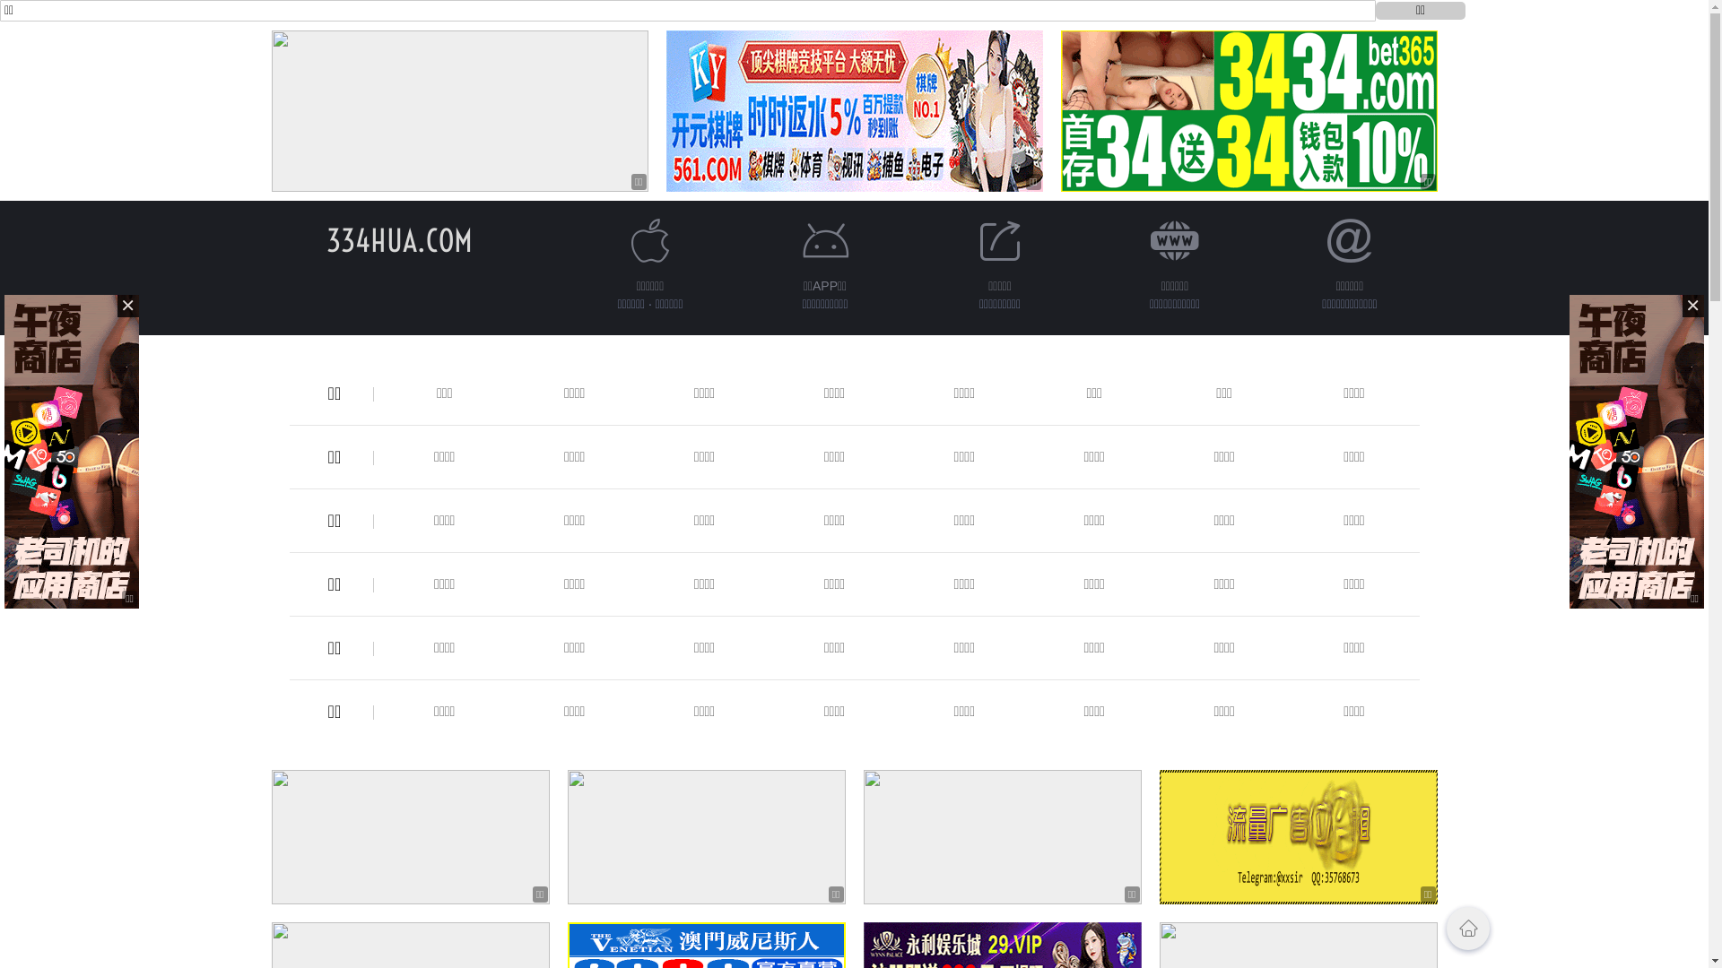  I want to click on '334HUA.COM', so click(398, 239).